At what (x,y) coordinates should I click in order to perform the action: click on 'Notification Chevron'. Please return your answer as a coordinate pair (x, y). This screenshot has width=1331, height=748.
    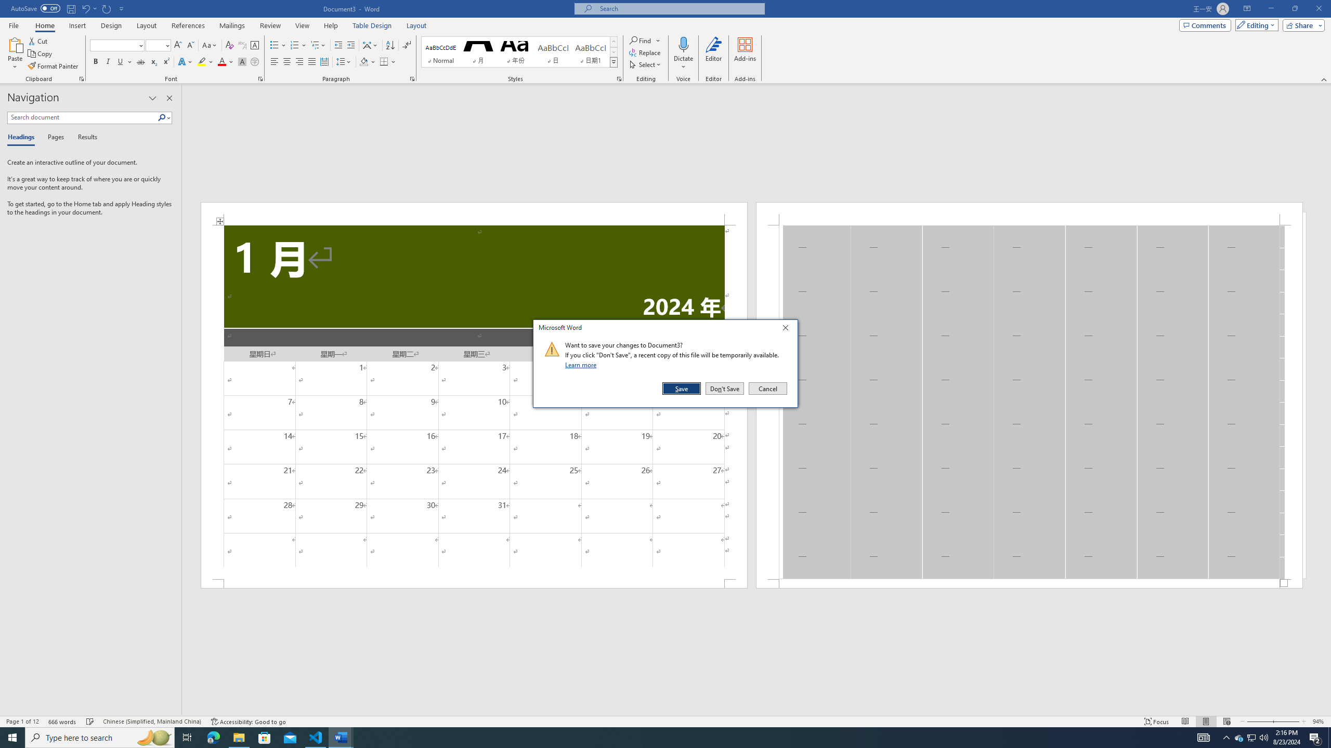
    Looking at the image, I should click on (1226, 737).